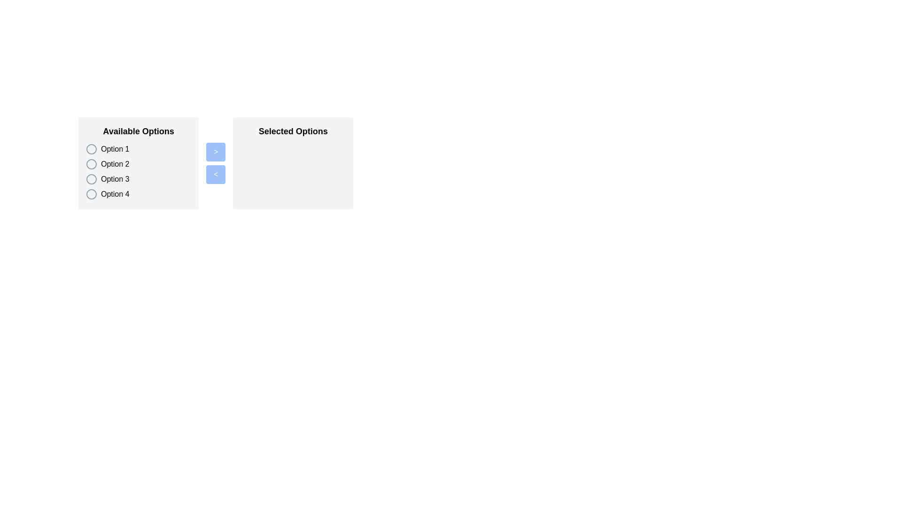 This screenshot has height=507, width=902. What do you see at coordinates (138, 164) in the screenshot?
I see `the radio button labeled 'Option 2' in the vertical list of selectable items` at bounding box center [138, 164].